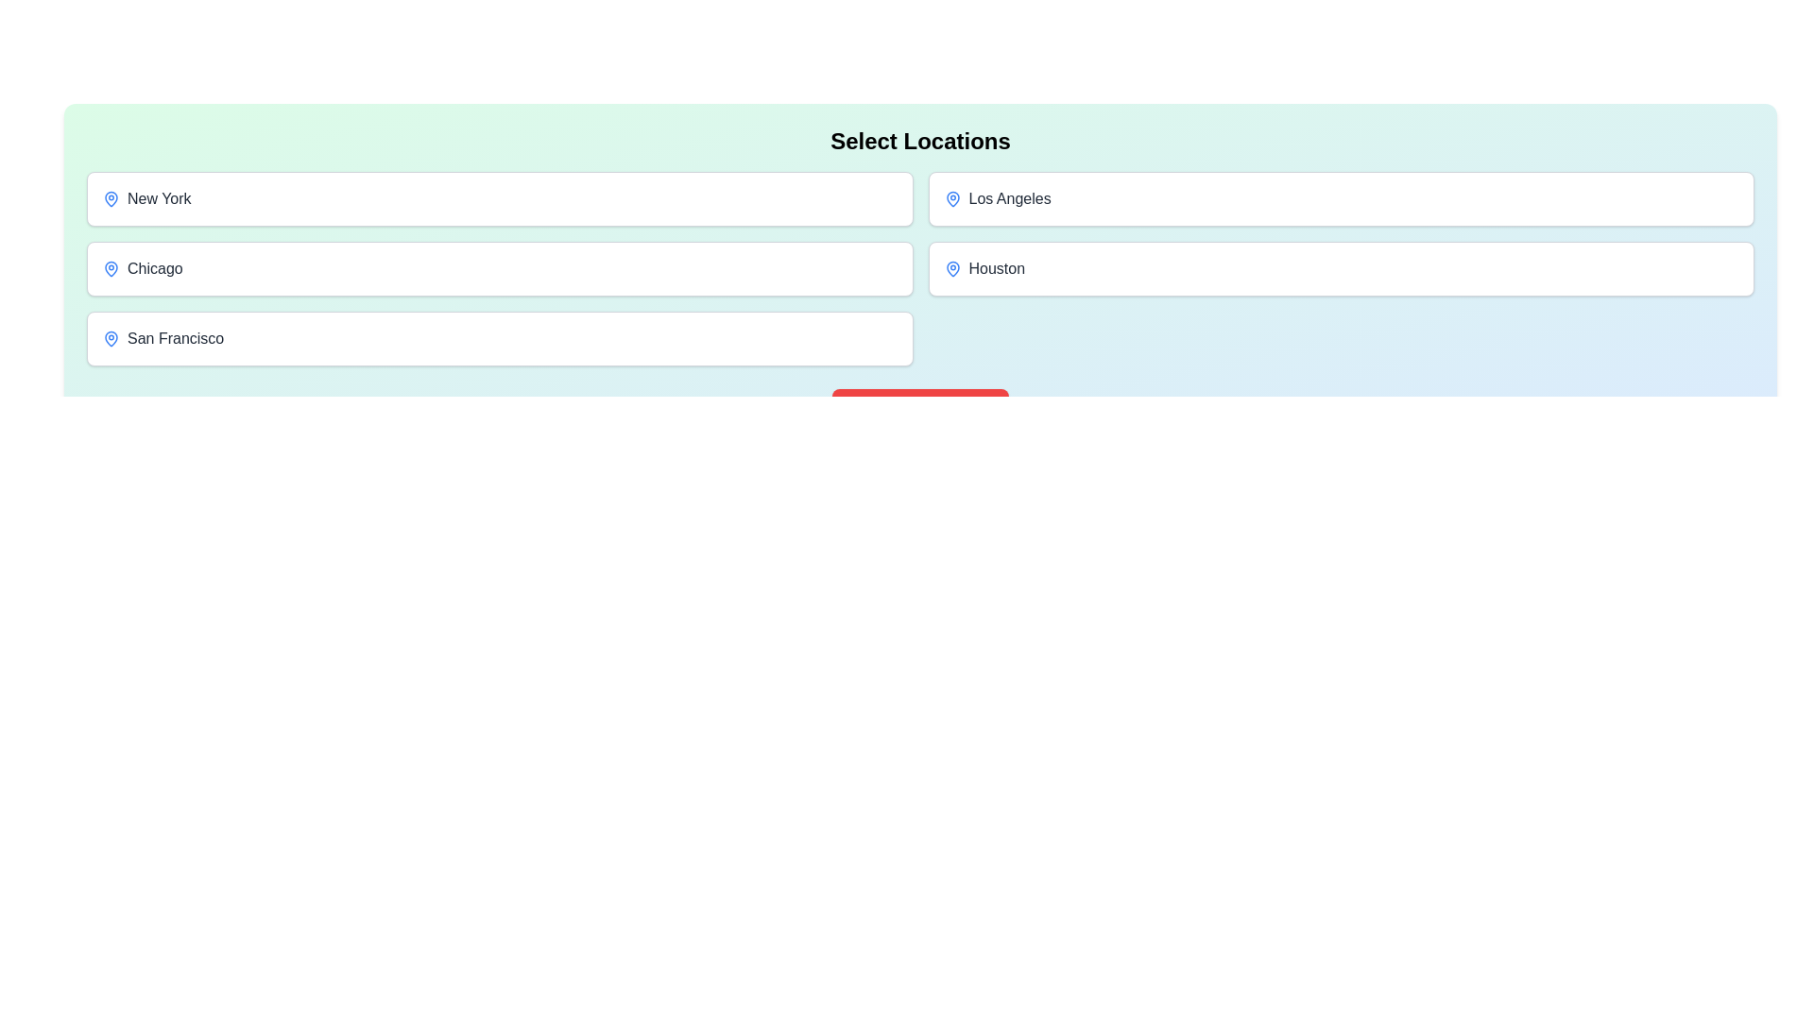  What do you see at coordinates (1340, 269) in the screenshot?
I see `the button corresponding to the location Houston` at bounding box center [1340, 269].